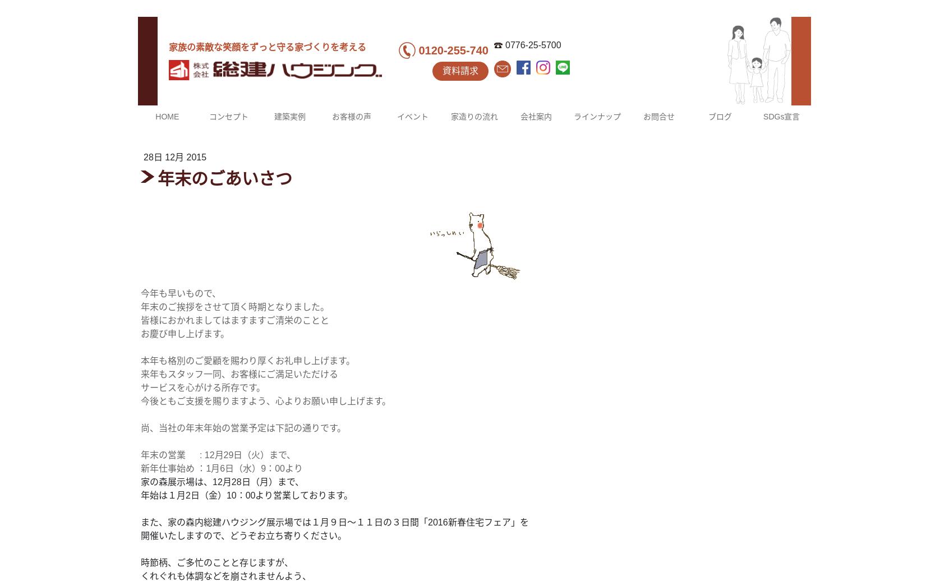 The image size is (949, 581). Describe the element at coordinates (602, 207) in the screenshot. I see `'2019年6月'` at that location.